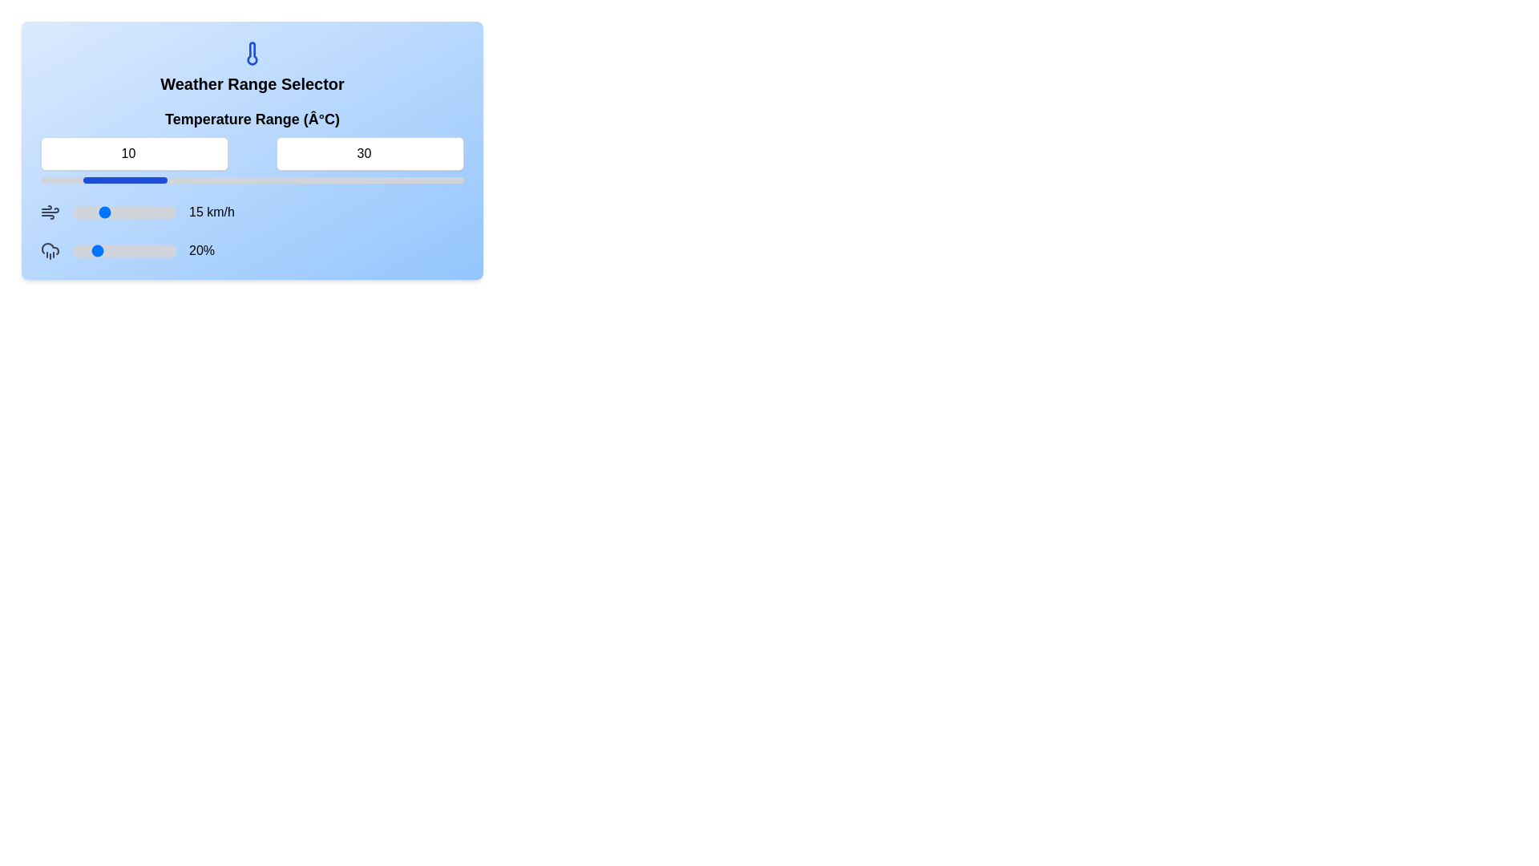 This screenshot has height=866, width=1539. What do you see at coordinates (74, 212) in the screenshot?
I see `the wind speed` at bounding box center [74, 212].